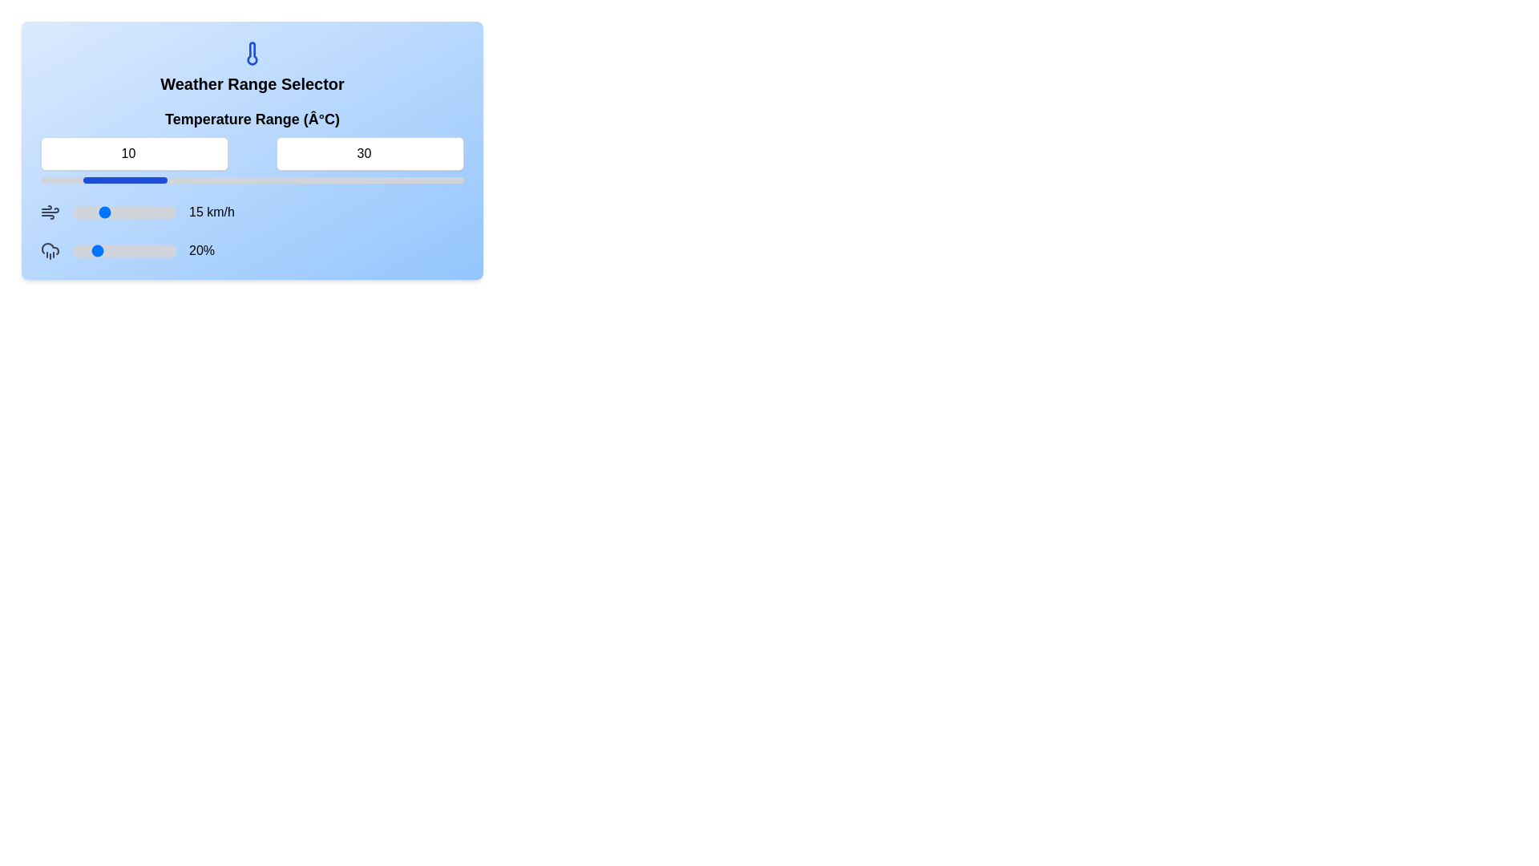 This screenshot has height=866, width=1539. What do you see at coordinates (74, 212) in the screenshot?
I see `the wind speed` at bounding box center [74, 212].